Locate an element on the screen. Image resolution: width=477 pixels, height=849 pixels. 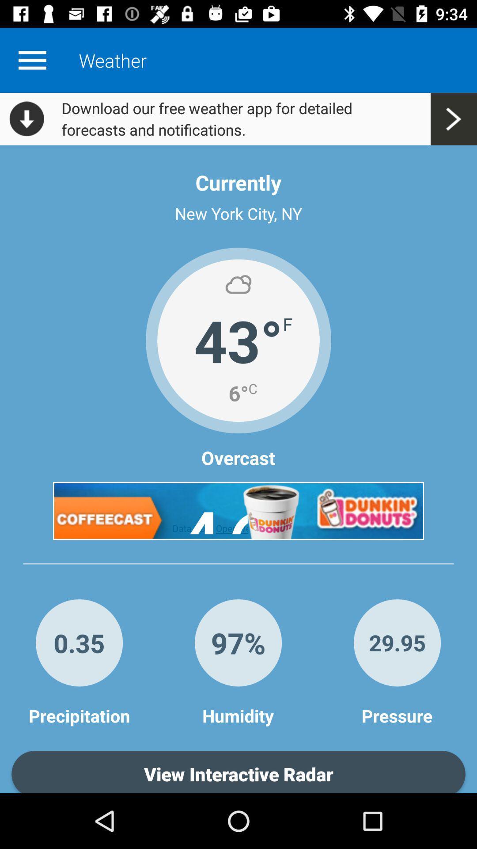
advertisement is located at coordinates (238, 511).